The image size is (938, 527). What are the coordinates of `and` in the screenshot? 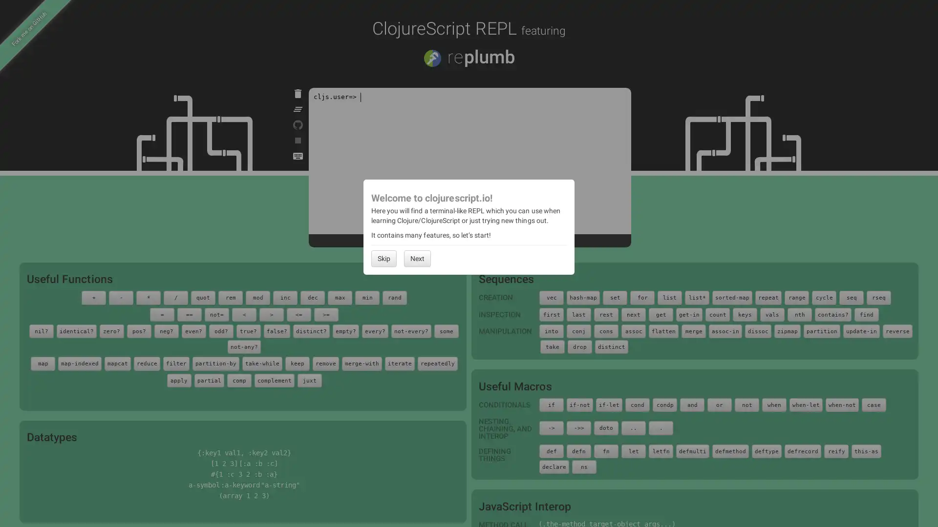 It's located at (691, 405).